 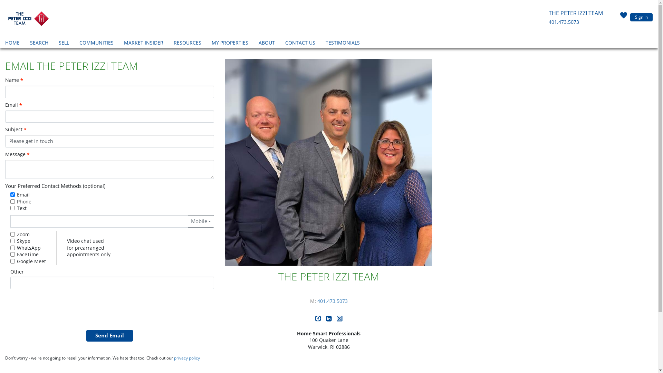 What do you see at coordinates (339, 319) in the screenshot?
I see `'Instagram'` at bounding box center [339, 319].